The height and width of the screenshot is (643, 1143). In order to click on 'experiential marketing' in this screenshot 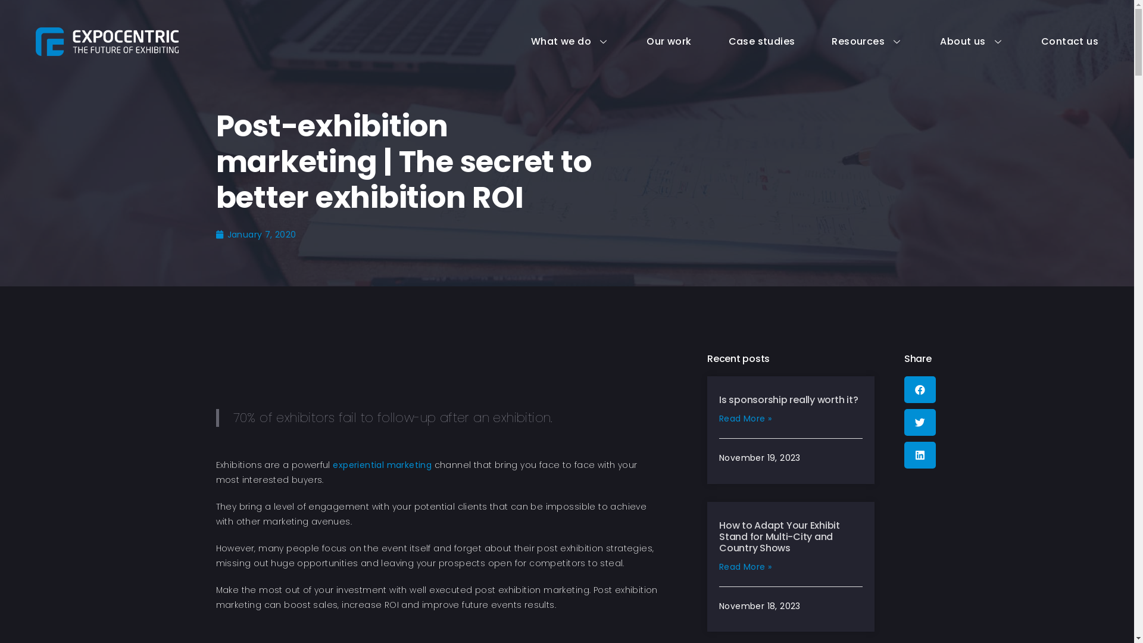, I will do `click(382, 464)`.